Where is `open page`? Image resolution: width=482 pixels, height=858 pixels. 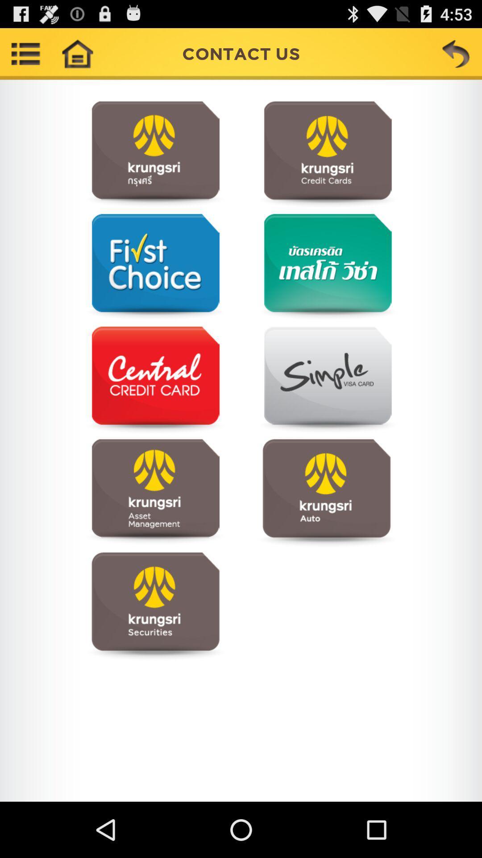
open page is located at coordinates (155, 605).